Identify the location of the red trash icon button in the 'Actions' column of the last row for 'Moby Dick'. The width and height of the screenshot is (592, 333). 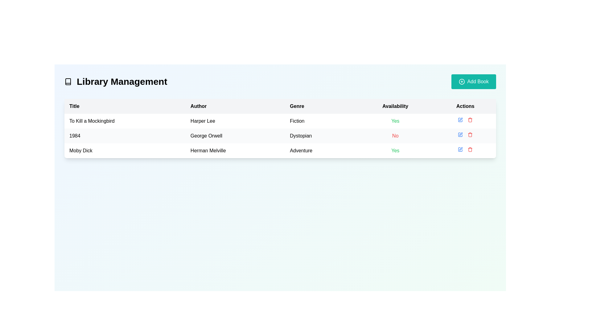
(470, 150).